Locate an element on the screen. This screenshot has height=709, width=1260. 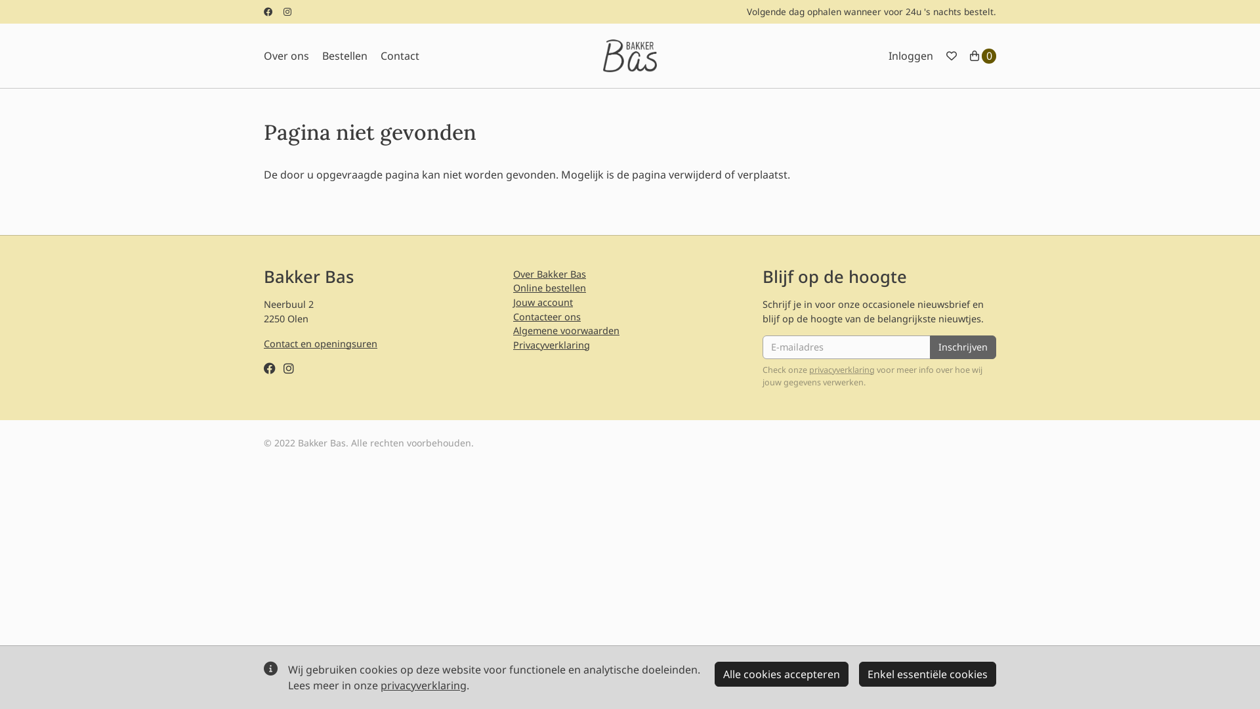
'Bakker Bas op Facebook' is located at coordinates (269, 368).